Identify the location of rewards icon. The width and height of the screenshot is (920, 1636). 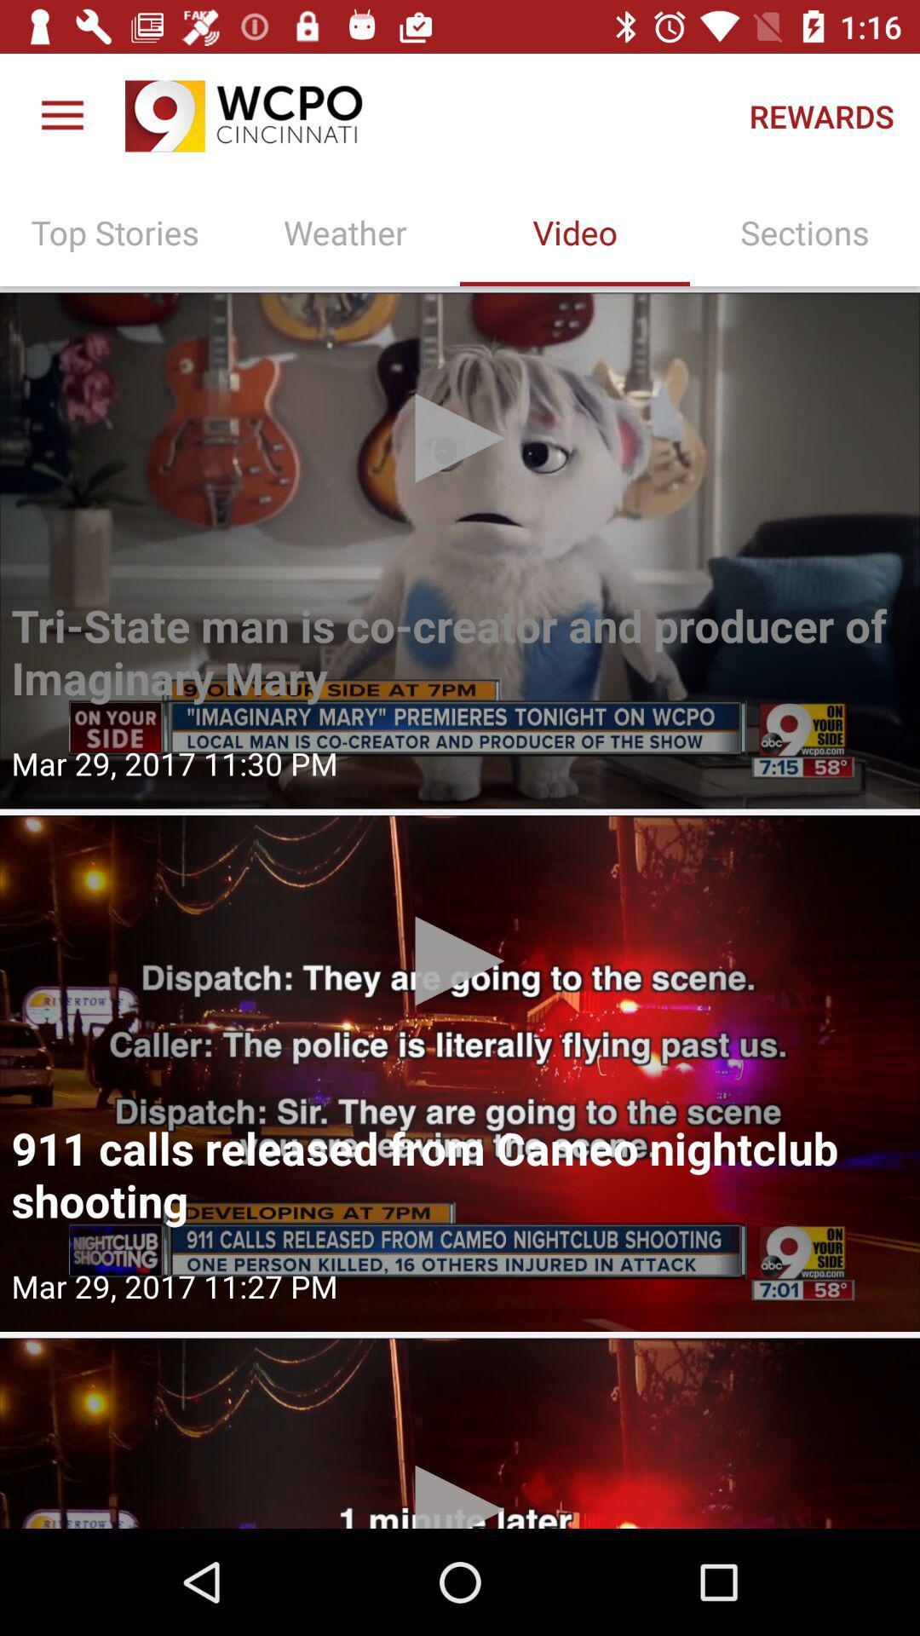
(820, 115).